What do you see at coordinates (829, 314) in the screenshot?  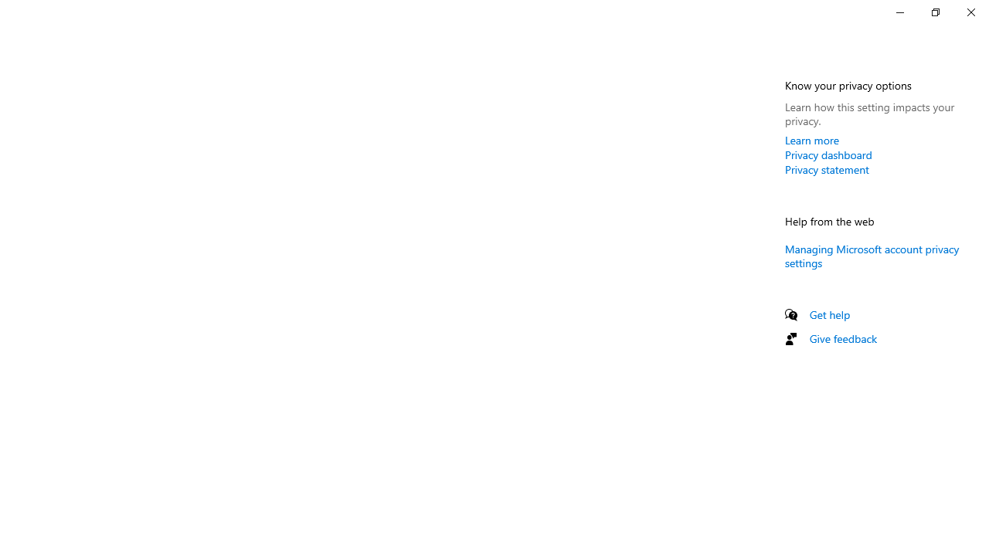 I see `'Get help'` at bounding box center [829, 314].